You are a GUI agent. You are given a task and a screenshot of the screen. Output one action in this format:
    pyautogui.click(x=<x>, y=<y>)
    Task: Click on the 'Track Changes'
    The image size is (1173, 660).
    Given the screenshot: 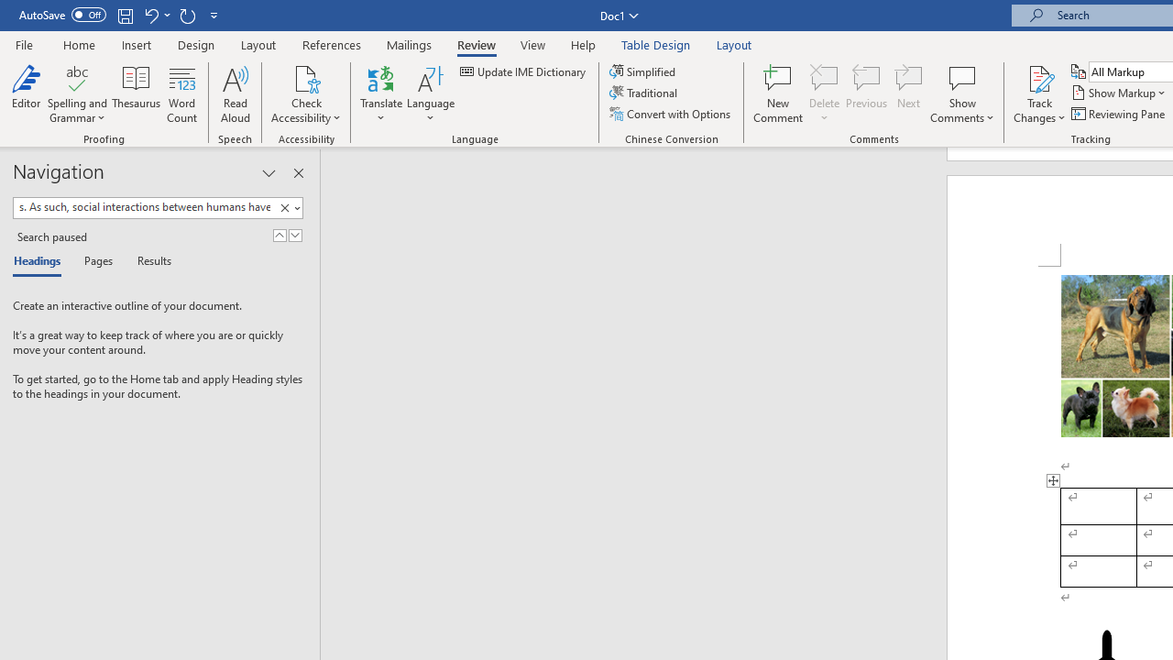 What is the action you would take?
    pyautogui.click(x=1039, y=94)
    